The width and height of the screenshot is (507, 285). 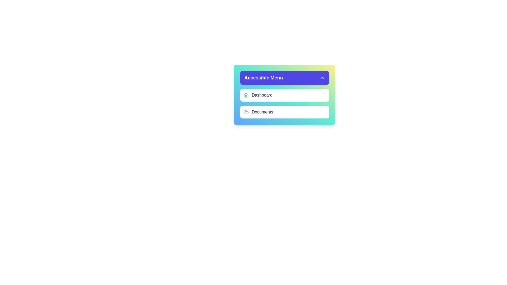 I want to click on the green house icon that serves as the visual label for the 'Dashboard' menu item, located to the left of the text 'Dashboard', so click(x=246, y=95).